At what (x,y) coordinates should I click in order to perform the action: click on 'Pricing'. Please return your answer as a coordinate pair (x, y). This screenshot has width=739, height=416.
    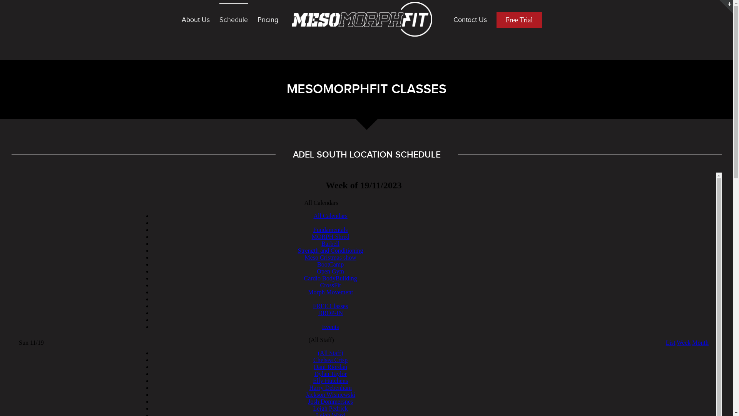
    Looking at the image, I should click on (268, 19).